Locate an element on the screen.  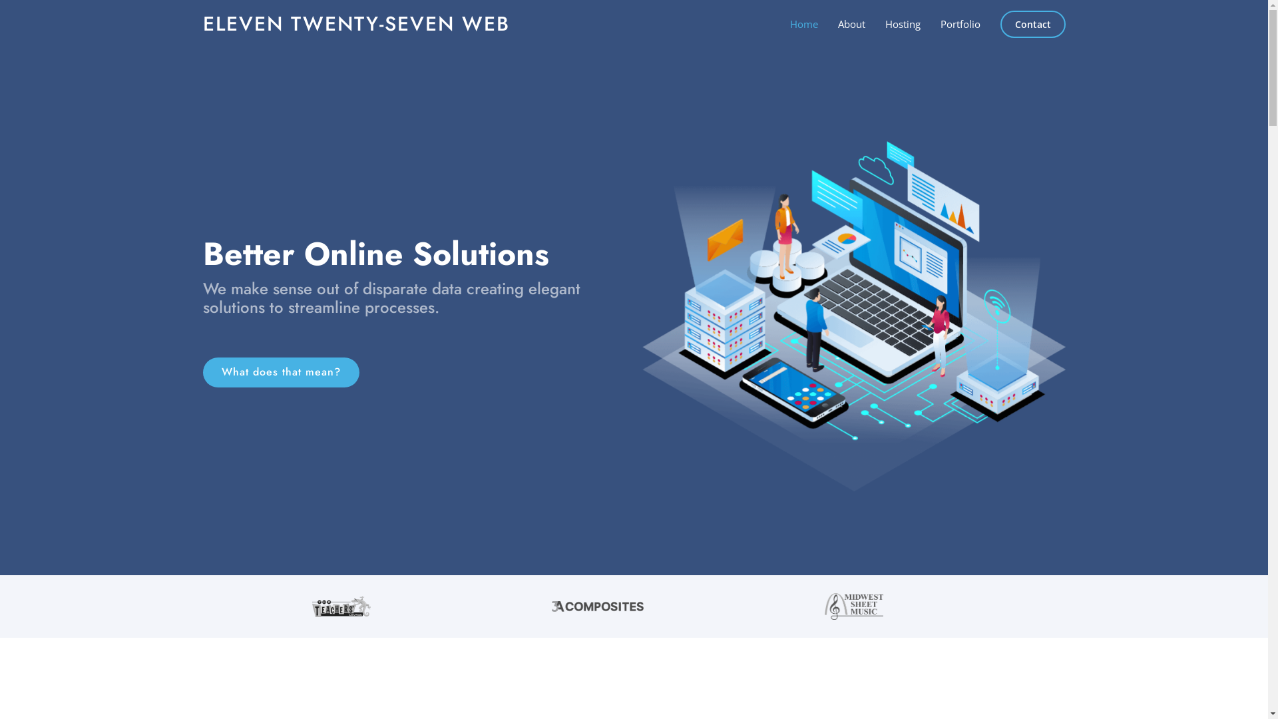
'About' is located at coordinates (840, 24).